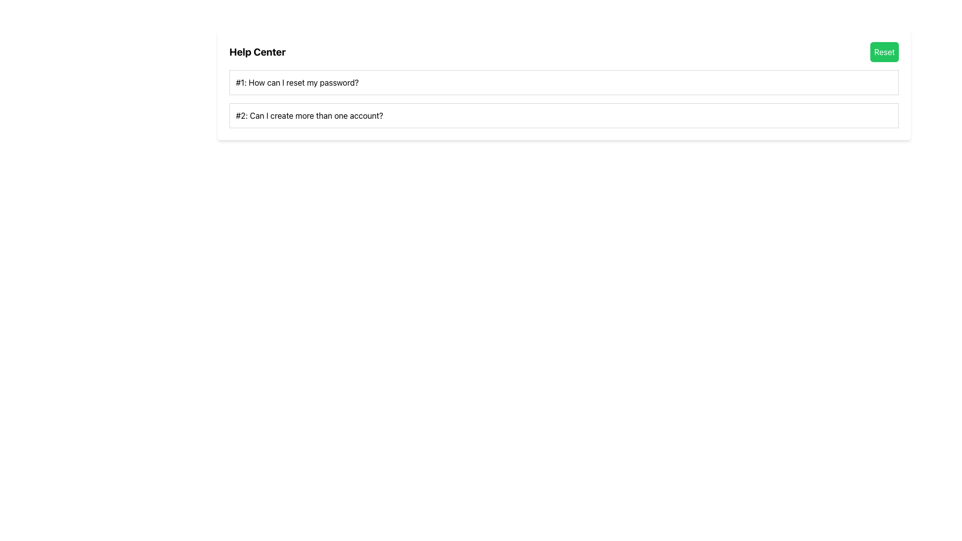  What do you see at coordinates (884, 52) in the screenshot?
I see `the reset button located to the right of the 'Help Center' header` at bounding box center [884, 52].